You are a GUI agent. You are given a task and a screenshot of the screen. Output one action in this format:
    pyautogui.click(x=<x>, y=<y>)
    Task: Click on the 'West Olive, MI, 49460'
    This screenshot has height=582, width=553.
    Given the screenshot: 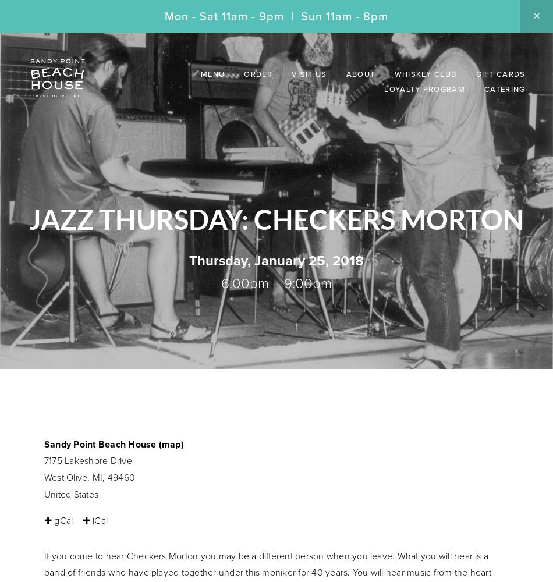 What is the action you would take?
    pyautogui.click(x=44, y=477)
    